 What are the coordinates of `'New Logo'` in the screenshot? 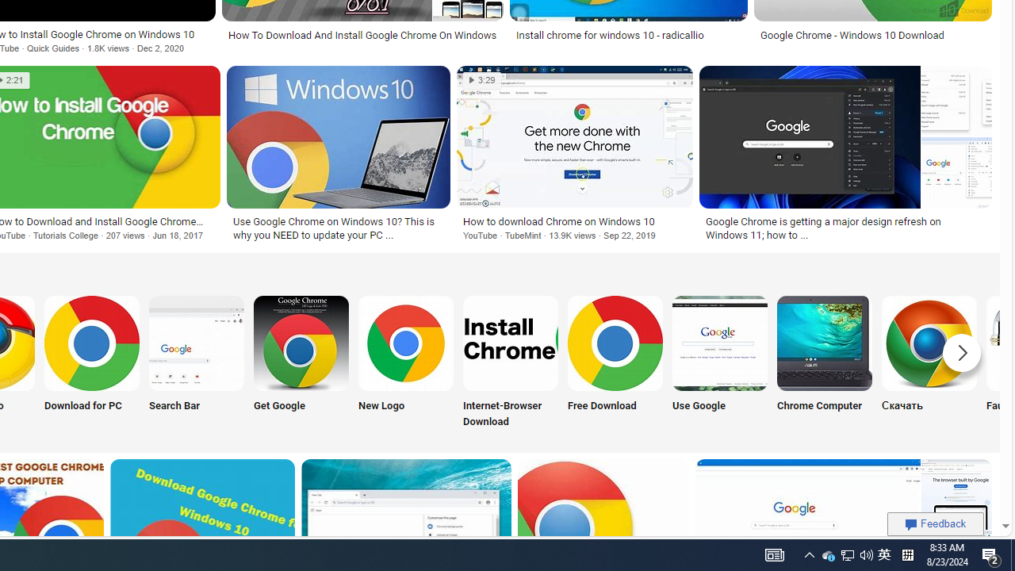 It's located at (406, 362).